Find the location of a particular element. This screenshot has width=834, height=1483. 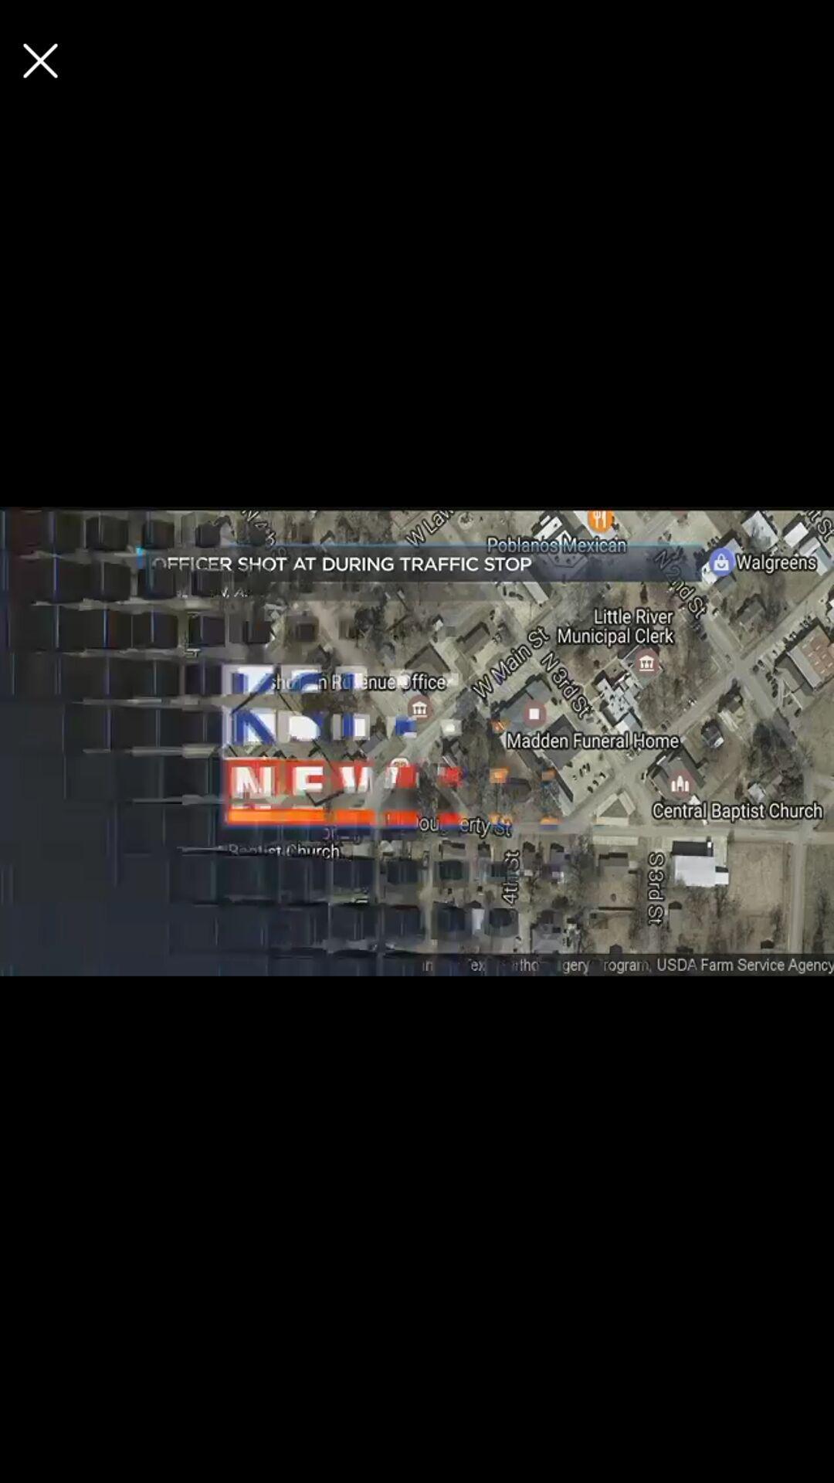

advertisement is located at coordinates (39, 60).